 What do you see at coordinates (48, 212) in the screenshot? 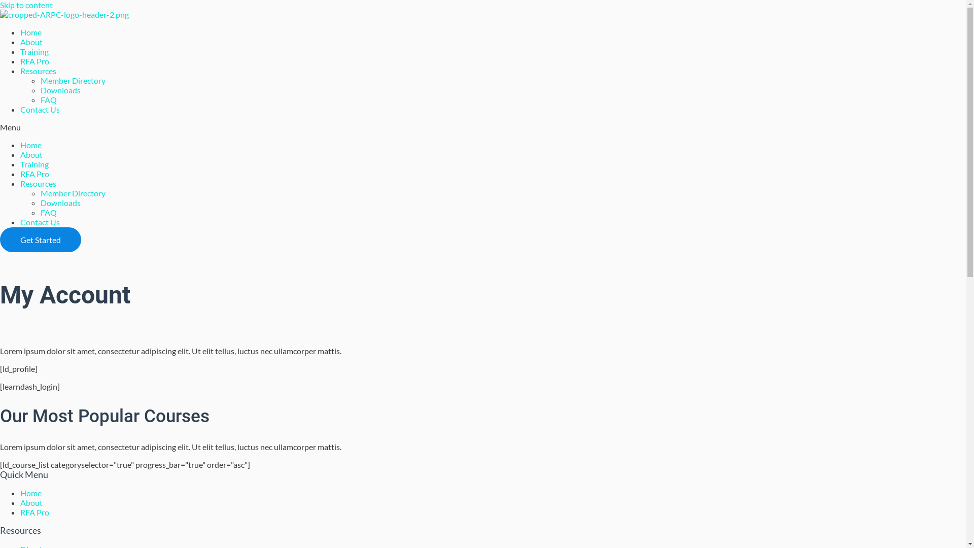
I see `'FAQ'` at bounding box center [48, 212].